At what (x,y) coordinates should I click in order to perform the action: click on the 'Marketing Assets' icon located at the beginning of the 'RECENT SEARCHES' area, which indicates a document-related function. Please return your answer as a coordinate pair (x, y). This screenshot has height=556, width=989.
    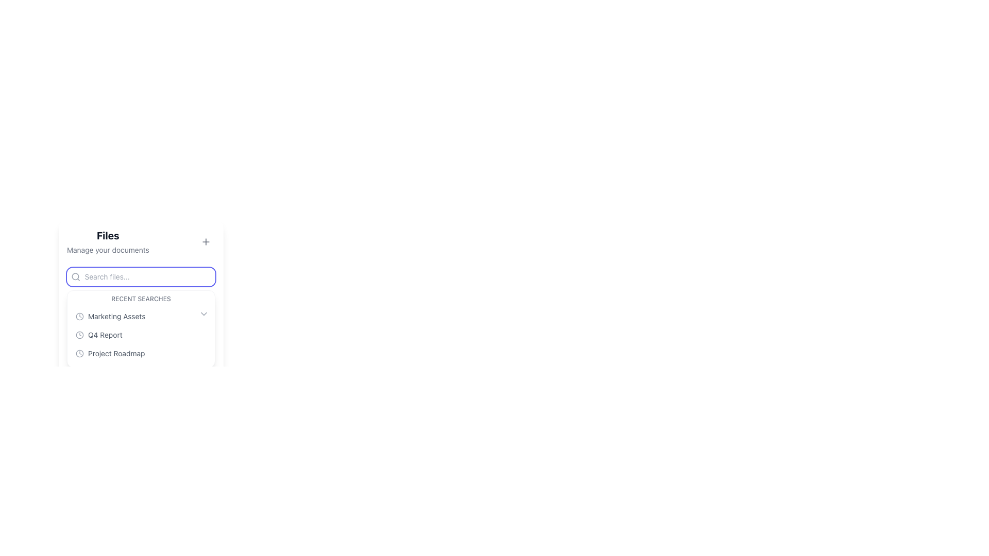
    Looking at the image, I should click on (81, 313).